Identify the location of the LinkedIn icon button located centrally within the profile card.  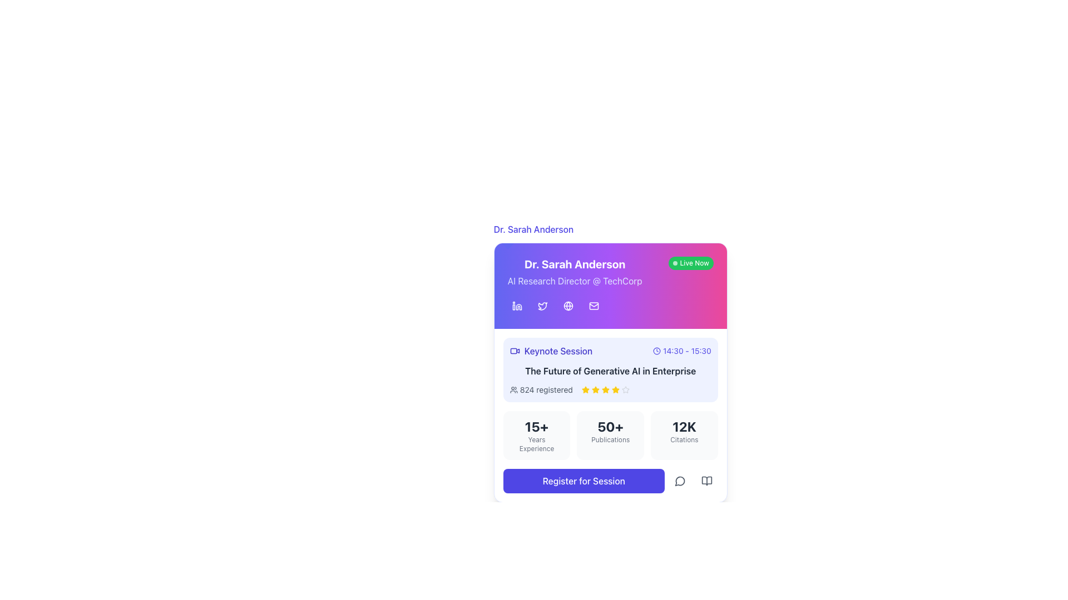
(516, 306).